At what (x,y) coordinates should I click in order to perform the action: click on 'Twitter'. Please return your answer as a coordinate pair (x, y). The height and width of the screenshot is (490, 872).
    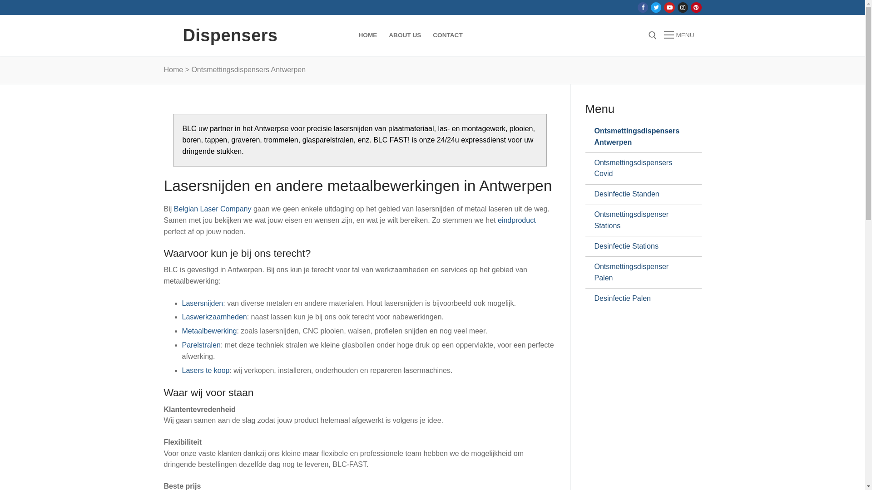
    Looking at the image, I should click on (656, 7).